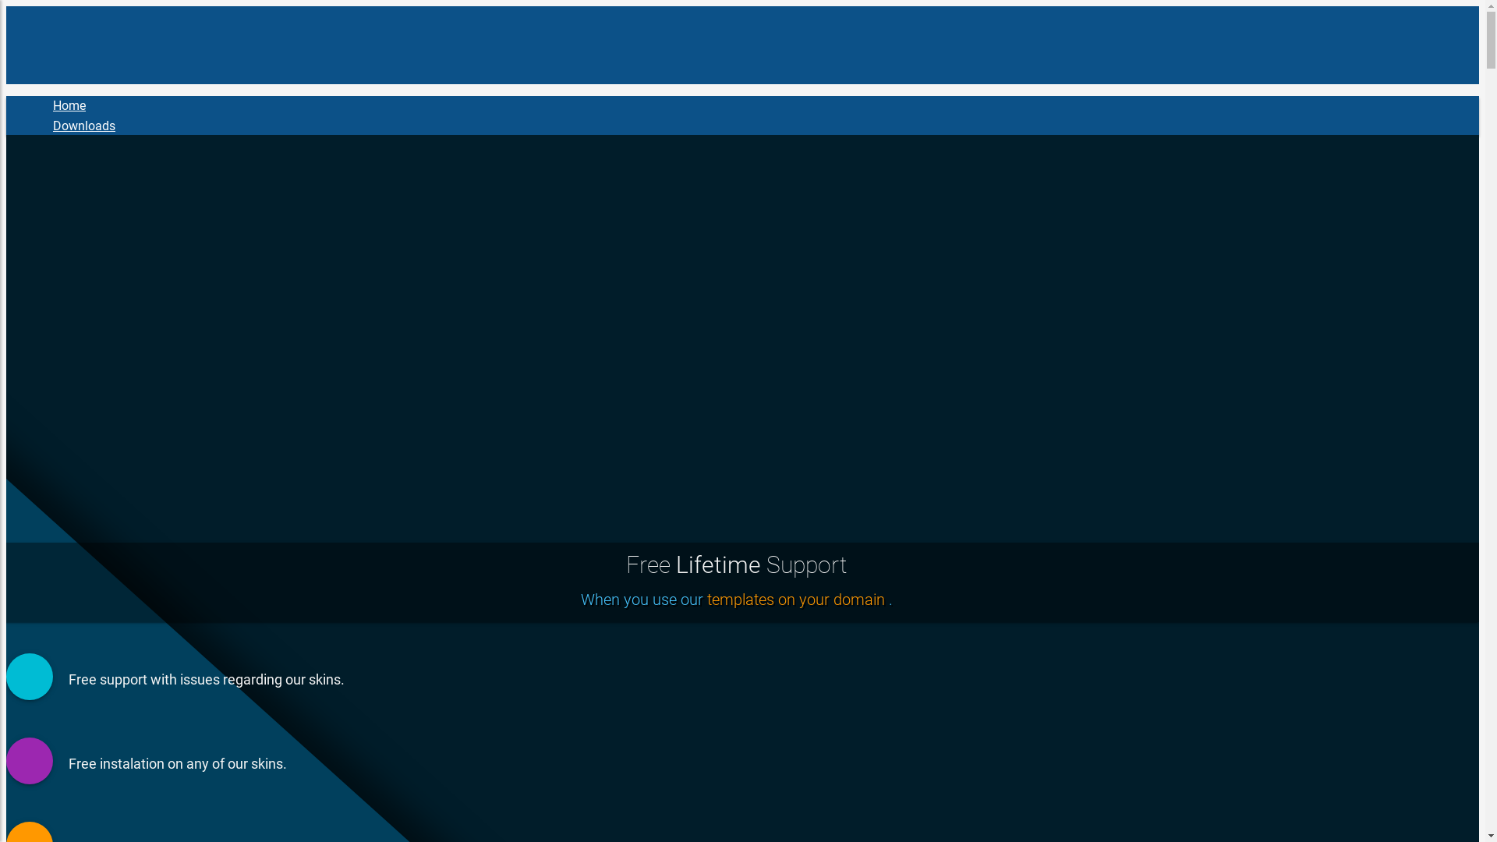  What do you see at coordinates (69, 105) in the screenshot?
I see `'Home'` at bounding box center [69, 105].